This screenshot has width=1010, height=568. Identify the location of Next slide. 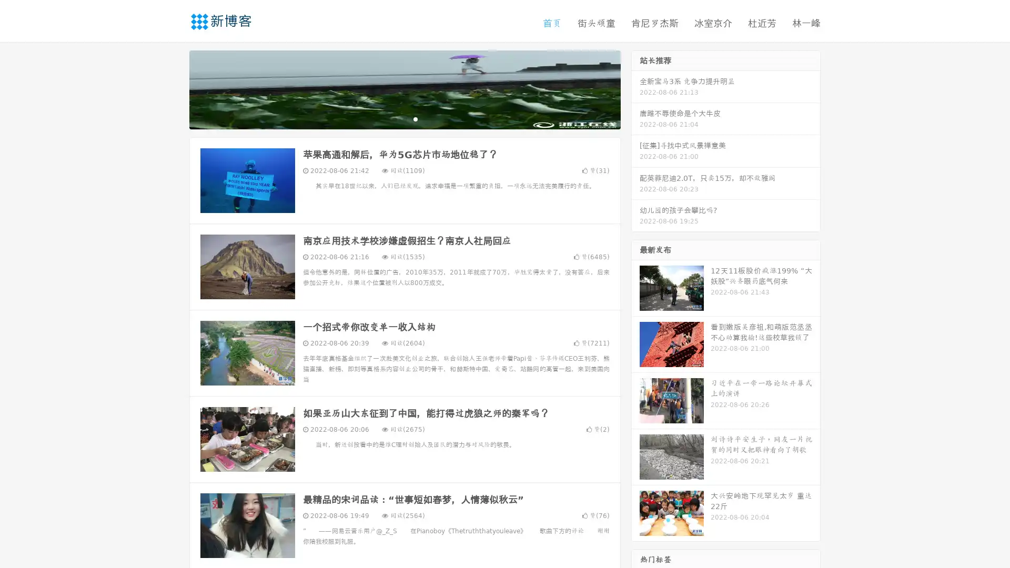
(635, 88).